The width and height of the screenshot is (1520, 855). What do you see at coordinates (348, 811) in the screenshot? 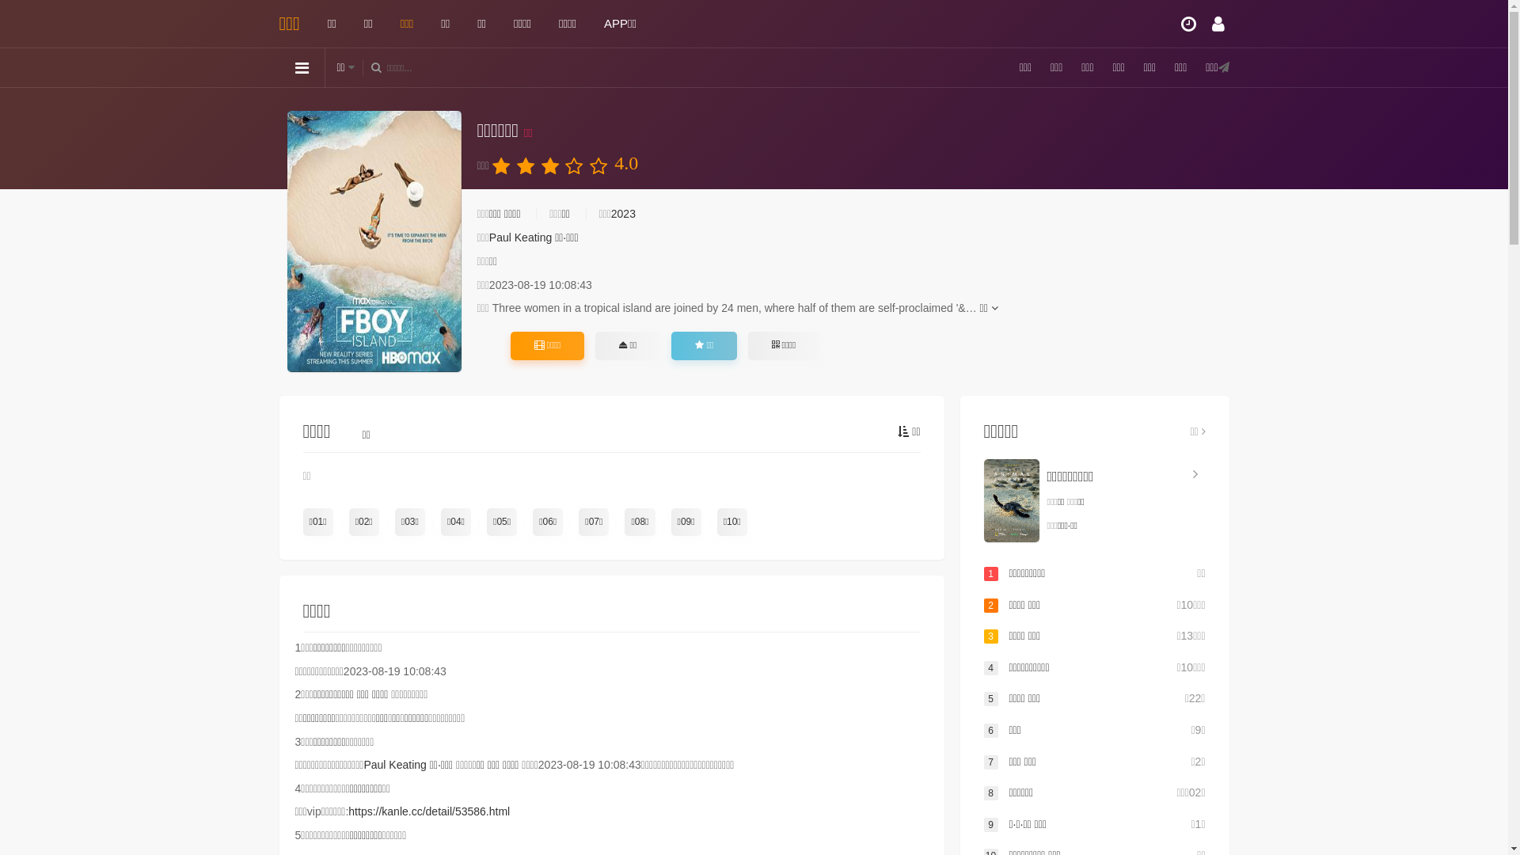
I see `'https://kanle.cc/detail/53586.html'` at bounding box center [348, 811].